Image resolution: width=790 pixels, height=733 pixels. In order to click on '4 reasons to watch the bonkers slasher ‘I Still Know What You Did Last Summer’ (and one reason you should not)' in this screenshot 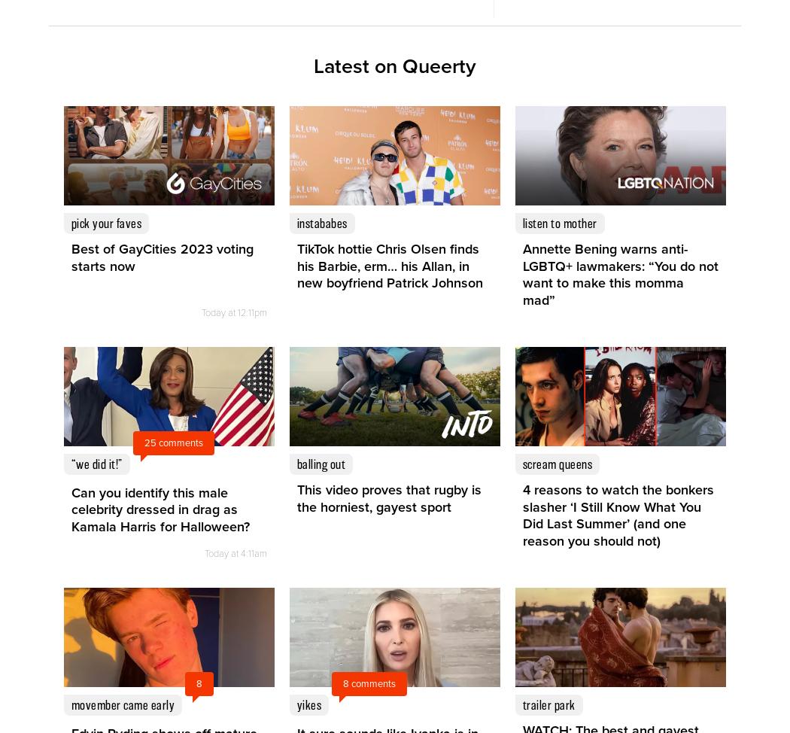, I will do `click(618, 515)`.